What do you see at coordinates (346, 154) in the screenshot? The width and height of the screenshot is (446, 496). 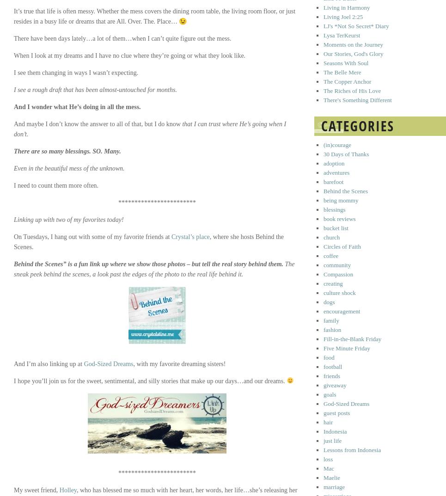 I see `'30 Days of Thanks'` at bounding box center [346, 154].